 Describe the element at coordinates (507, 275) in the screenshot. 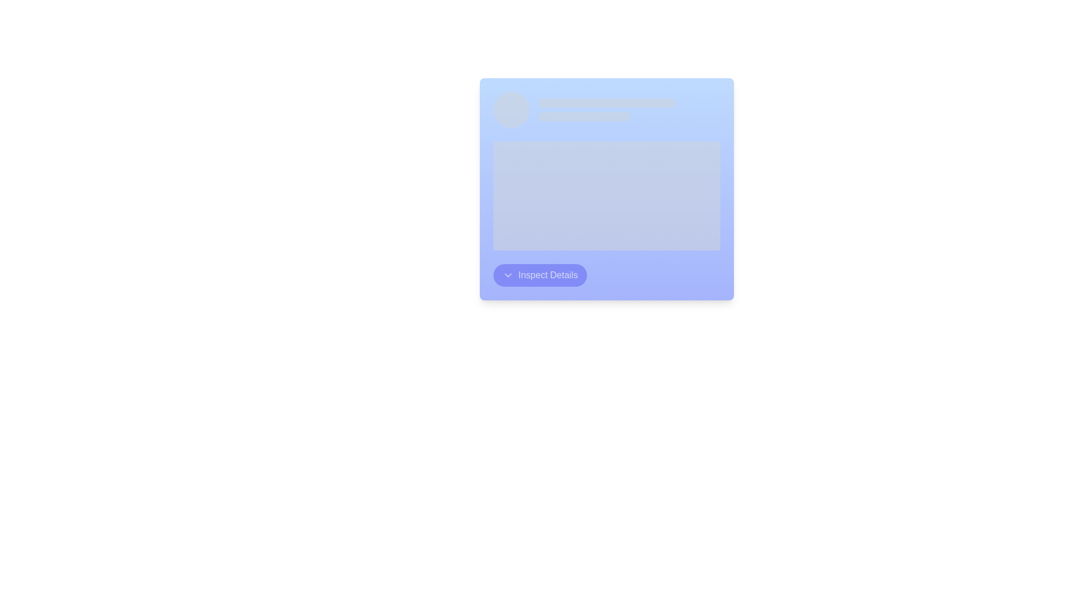

I see `the chevron-down indicator icon located within the 'Inspect Details' button to interact with the associated feature` at that location.